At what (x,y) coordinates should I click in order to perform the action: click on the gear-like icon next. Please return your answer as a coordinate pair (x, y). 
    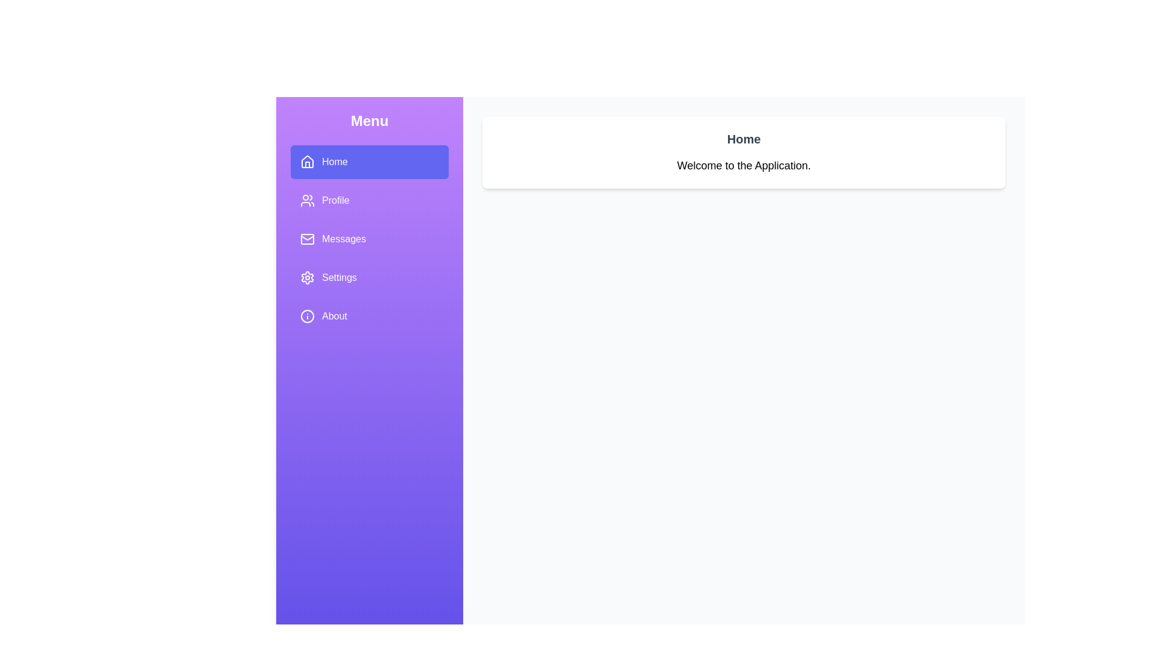
    Looking at the image, I should click on (307, 278).